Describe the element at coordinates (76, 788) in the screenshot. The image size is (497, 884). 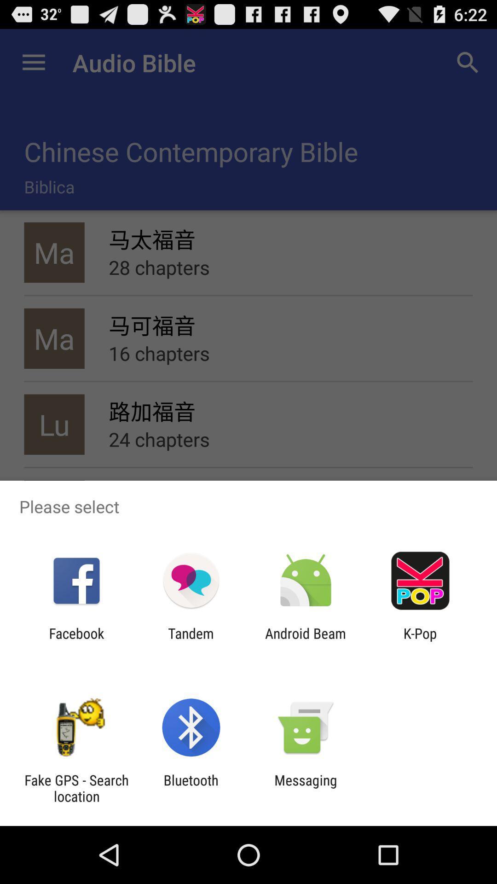
I see `fake gps search app` at that location.